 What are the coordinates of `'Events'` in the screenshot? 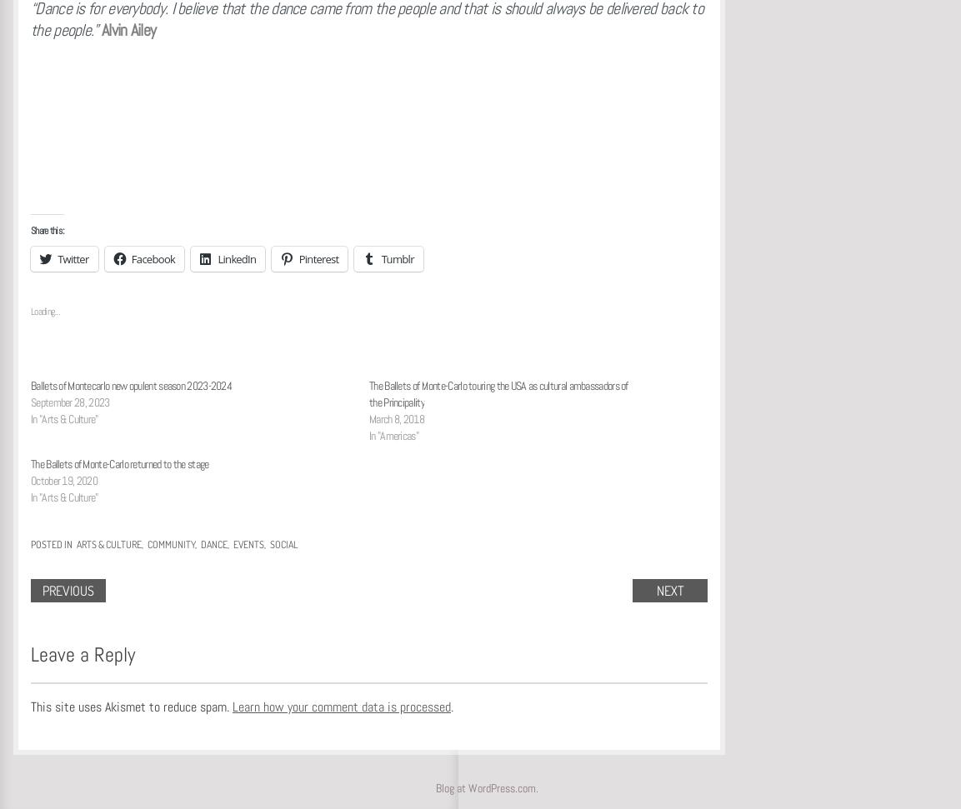 It's located at (248, 544).